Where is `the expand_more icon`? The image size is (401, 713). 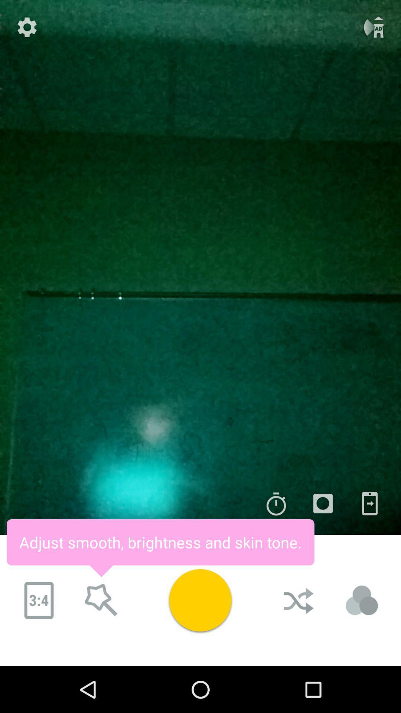 the expand_more icon is located at coordinates (101, 618).